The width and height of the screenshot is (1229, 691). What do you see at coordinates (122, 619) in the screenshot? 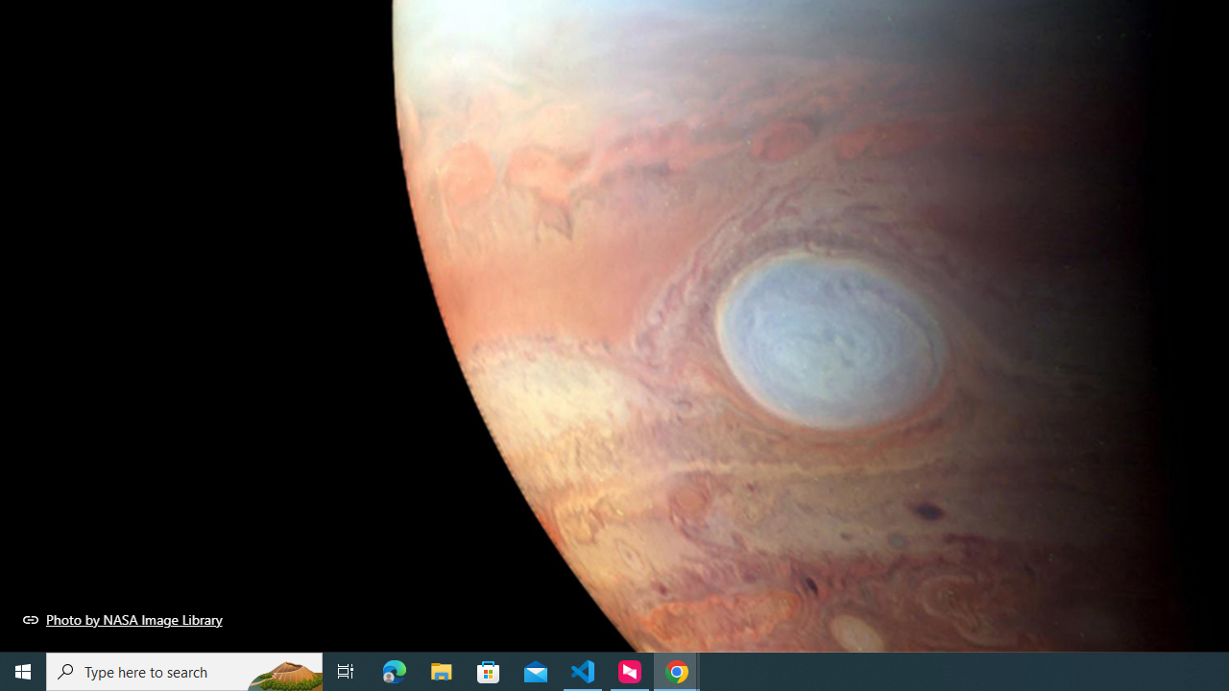
I see `'Photo by NASA Image Library'` at bounding box center [122, 619].